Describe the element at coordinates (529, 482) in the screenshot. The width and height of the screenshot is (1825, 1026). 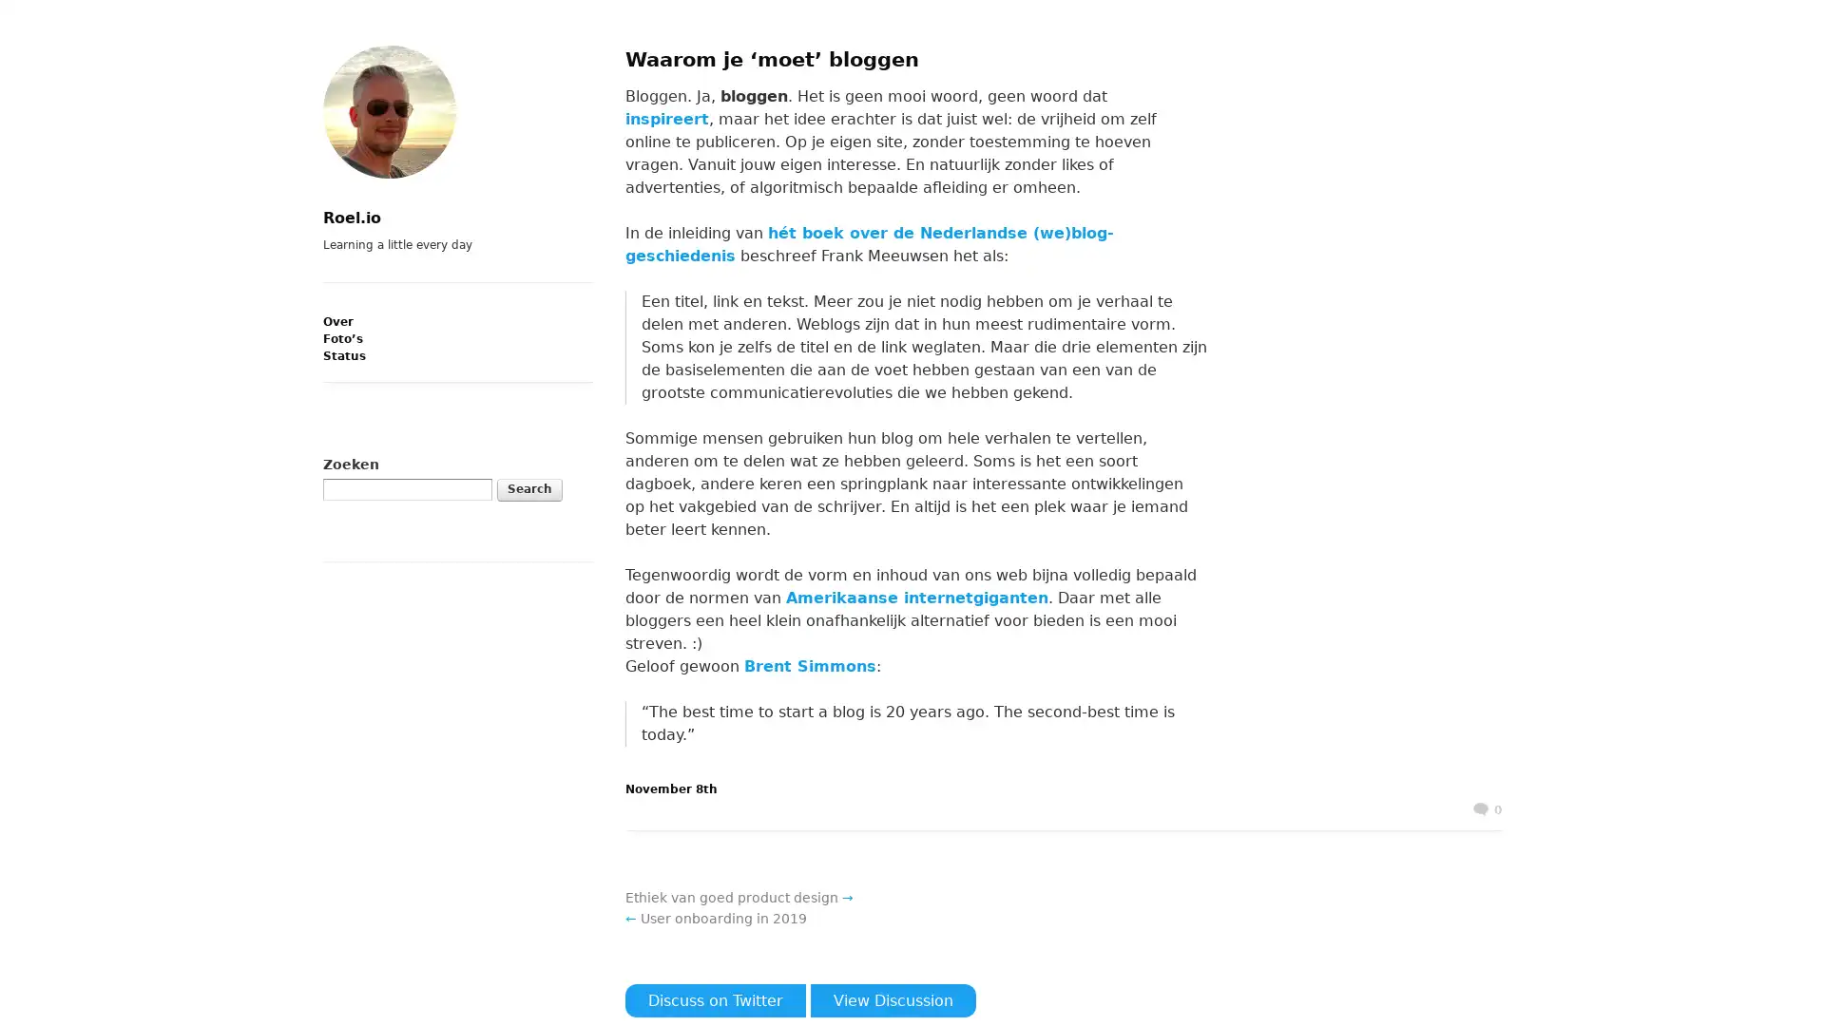
I see `Search` at that location.